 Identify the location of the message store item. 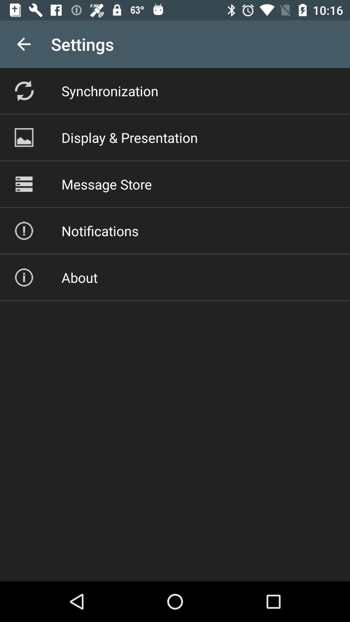
(106, 184).